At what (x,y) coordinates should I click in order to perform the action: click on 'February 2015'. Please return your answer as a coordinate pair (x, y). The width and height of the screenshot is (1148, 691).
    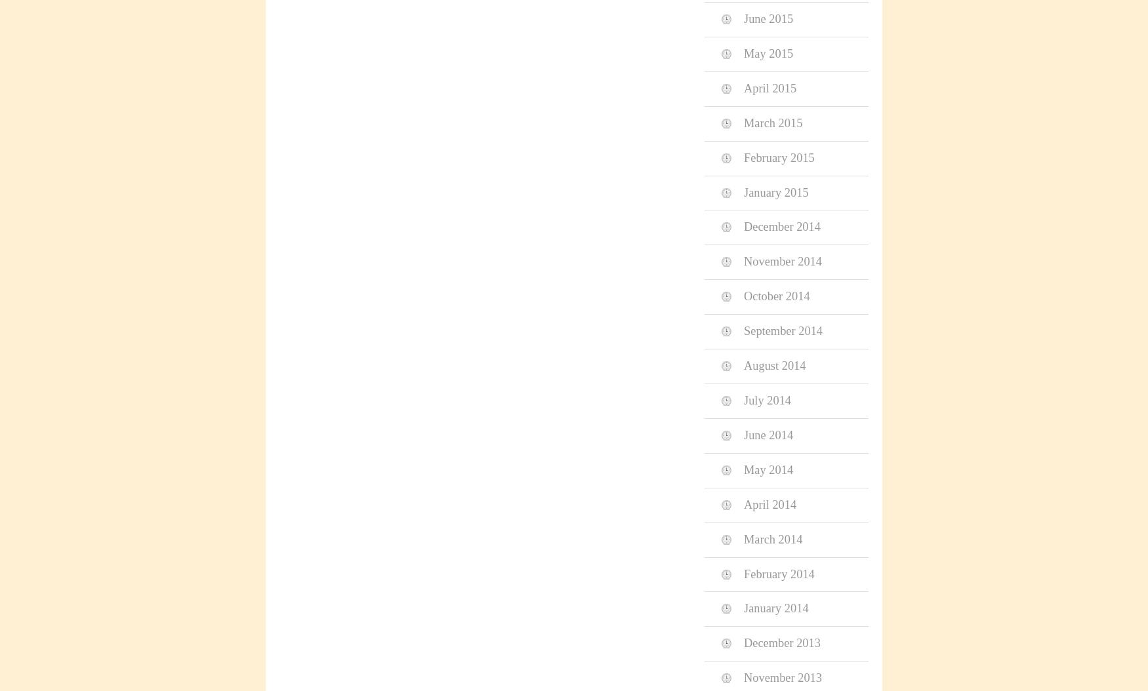
    Looking at the image, I should click on (778, 157).